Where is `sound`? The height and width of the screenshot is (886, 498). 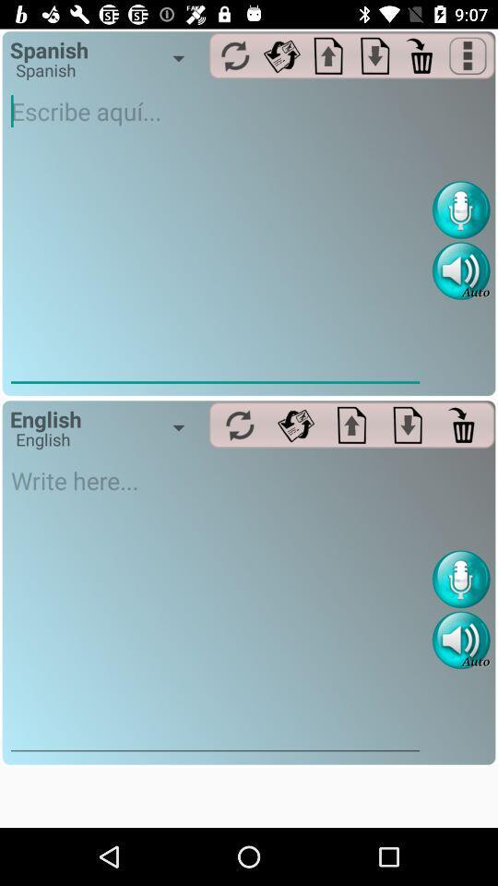 sound is located at coordinates (460, 640).